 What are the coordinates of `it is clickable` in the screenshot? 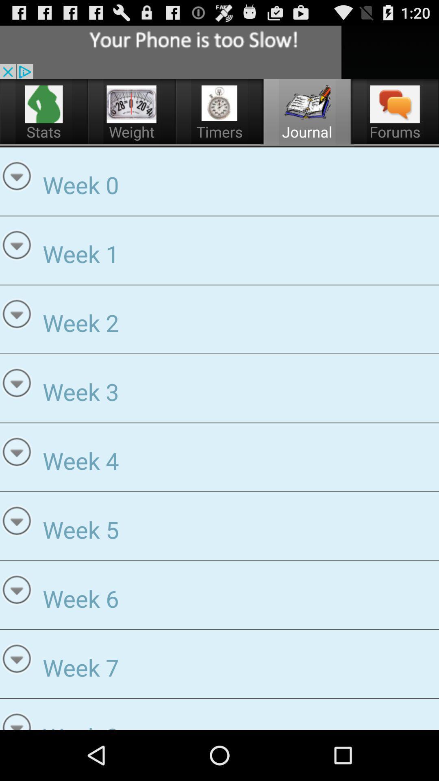 It's located at (131, 104).